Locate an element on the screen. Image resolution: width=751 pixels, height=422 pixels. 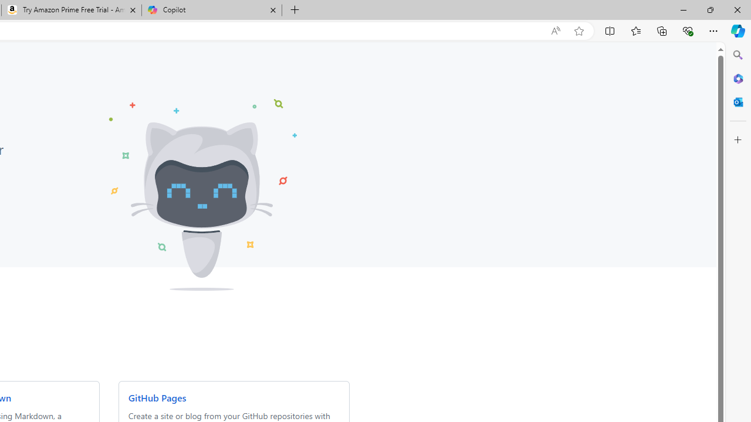
'Copilot' is located at coordinates (211, 10).